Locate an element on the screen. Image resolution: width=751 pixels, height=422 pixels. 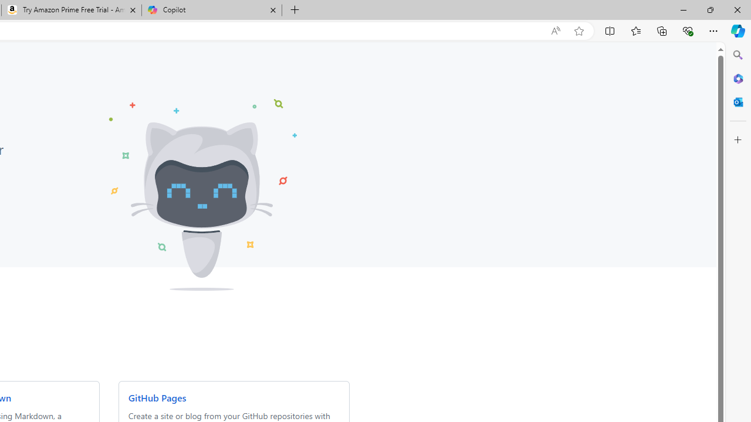
'Copilot' is located at coordinates (211, 10).